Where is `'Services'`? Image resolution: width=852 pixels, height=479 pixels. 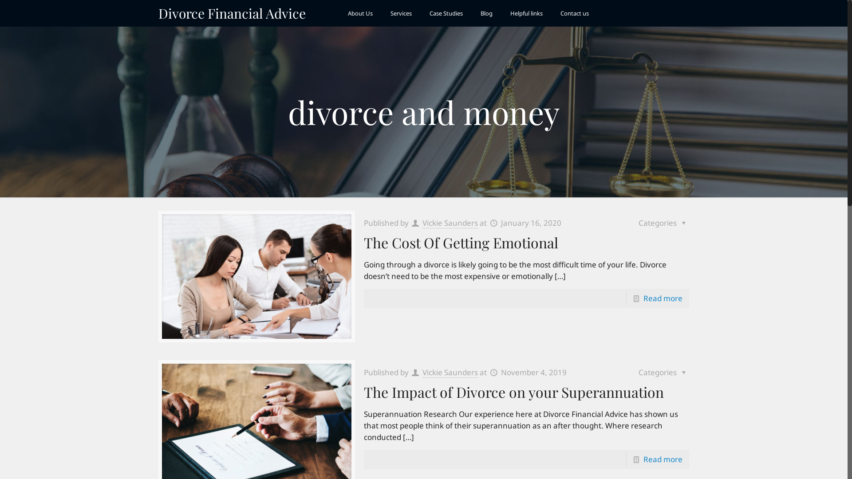
'Services' is located at coordinates (400, 13).